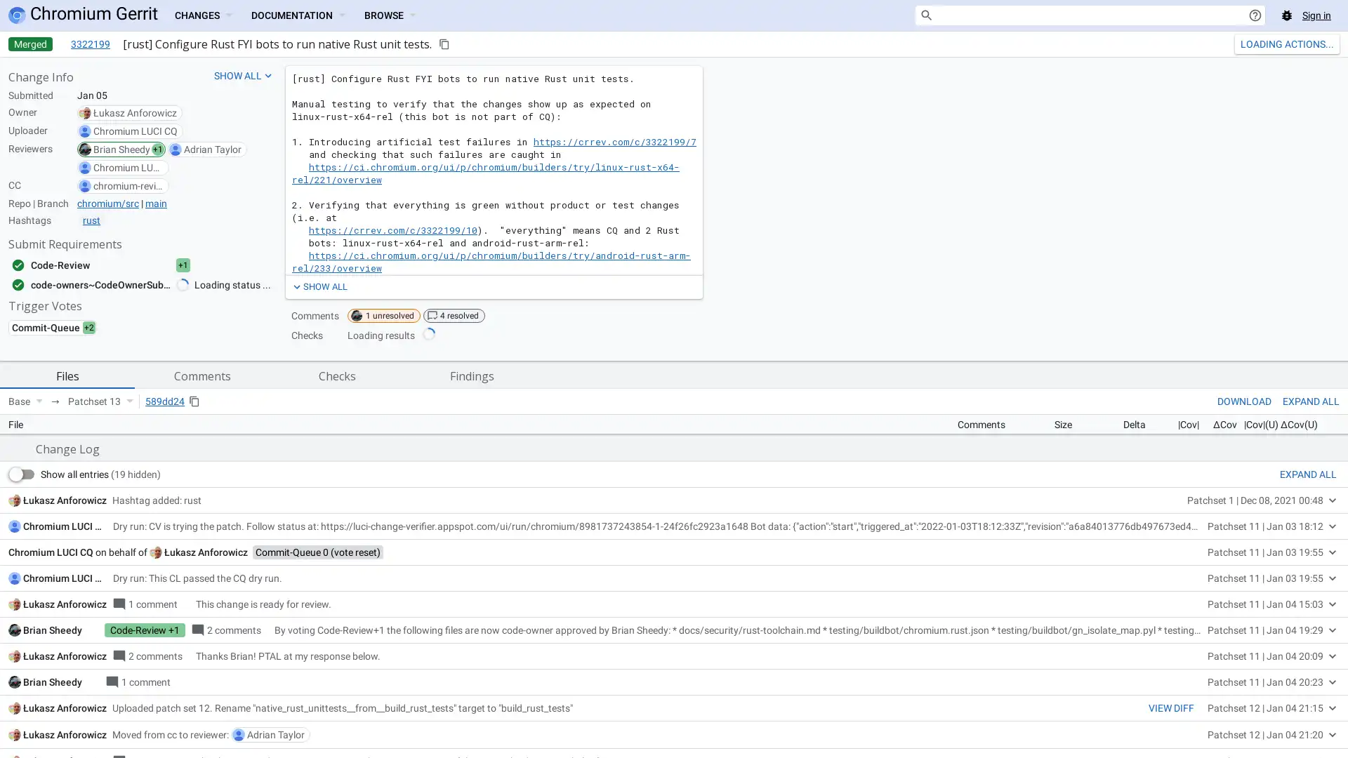 This screenshot has width=1348, height=758. I want to click on Chromium LUCI CQ, so click(128, 167).